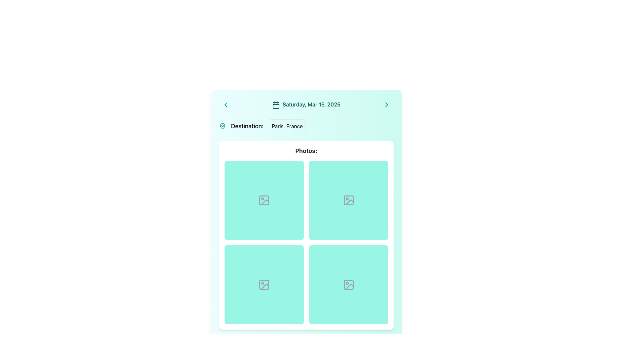 The width and height of the screenshot is (634, 356). What do you see at coordinates (222, 126) in the screenshot?
I see `the larger surrounding portion of the map pin icon located to the left of the 'Destination: Paris, France' text` at bounding box center [222, 126].